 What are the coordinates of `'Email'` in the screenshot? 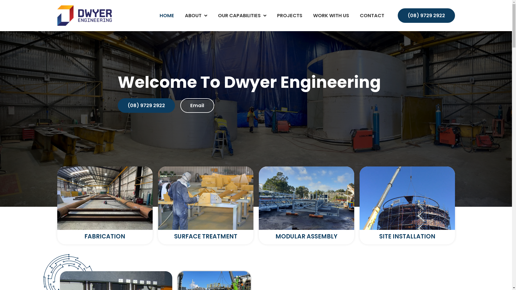 It's located at (180, 106).